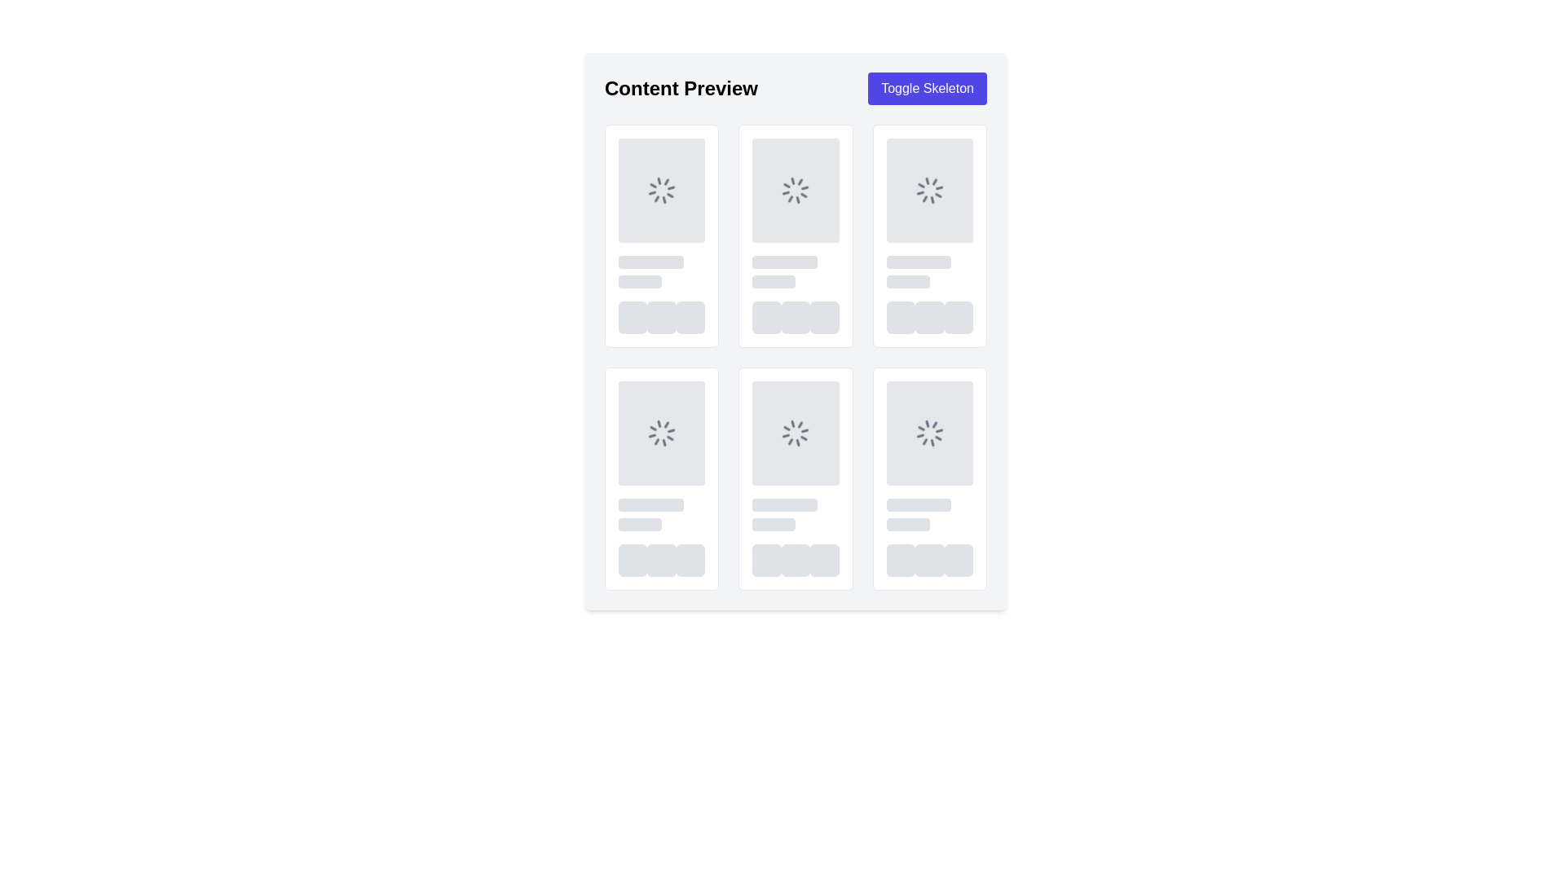 This screenshot has width=1565, height=880. What do you see at coordinates (796, 317) in the screenshot?
I see `the UI placeholder group composed of three rounded rectangles, indicating a loading state, located at the bottom of the second column from the left` at bounding box center [796, 317].